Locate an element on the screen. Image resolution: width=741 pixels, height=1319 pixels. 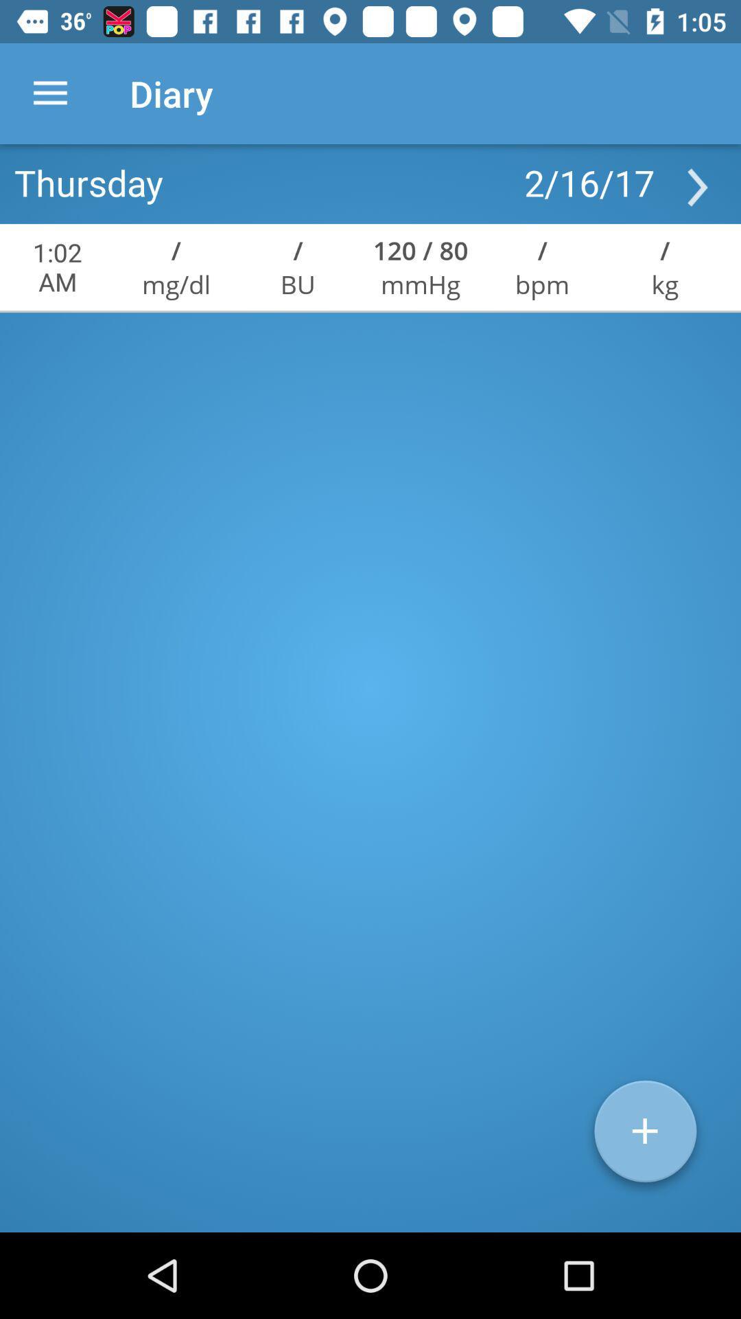
item below the 120 / 80 is located at coordinates (420, 283).